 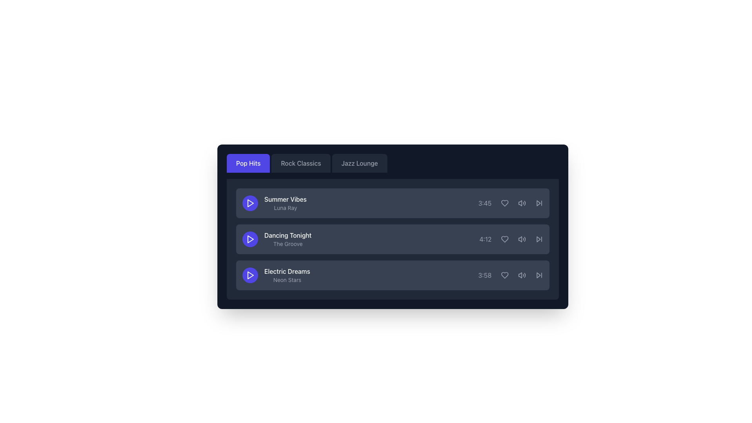 What do you see at coordinates (538, 239) in the screenshot?
I see `the skip forward icon located at the right end of the second row in the music playlist interface` at bounding box center [538, 239].